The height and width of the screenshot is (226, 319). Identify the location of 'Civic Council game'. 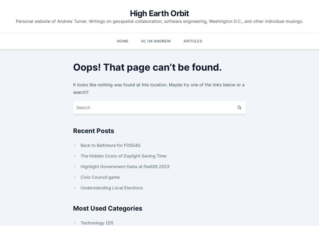
(100, 177).